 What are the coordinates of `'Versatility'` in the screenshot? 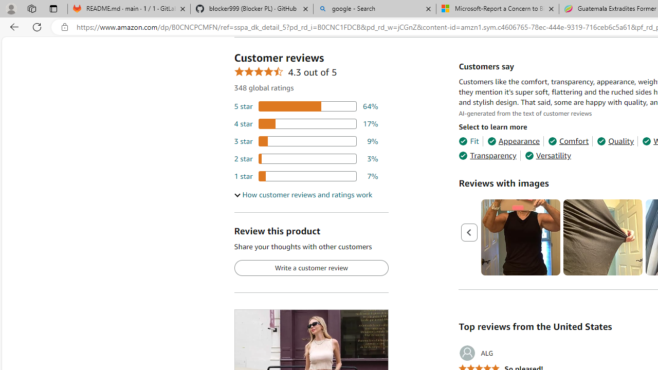 It's located at (547, 156).